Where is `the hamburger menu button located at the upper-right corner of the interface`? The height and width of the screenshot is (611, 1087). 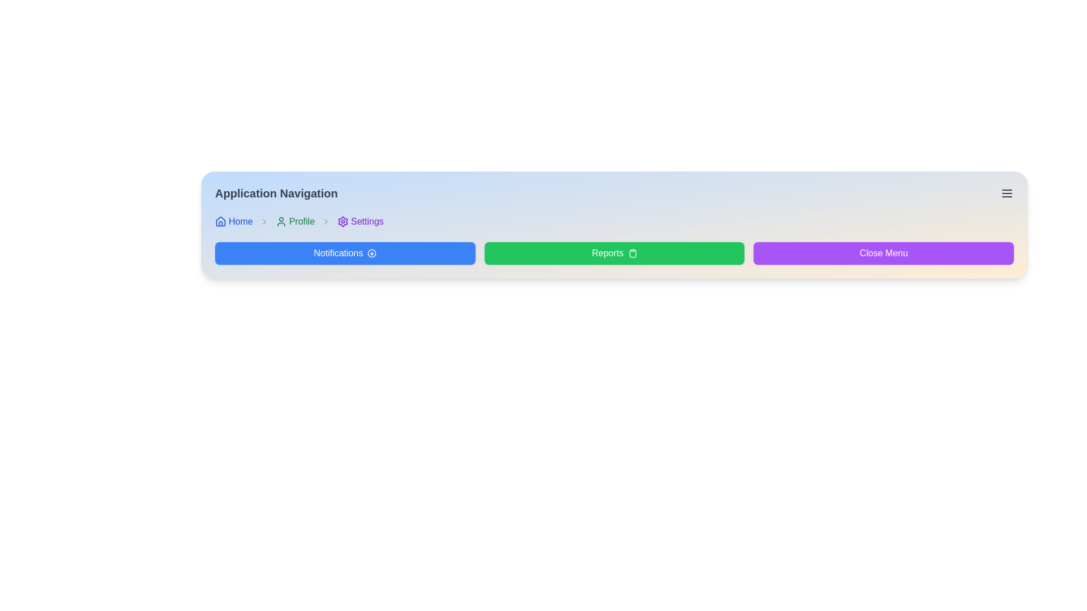
the hamburger menu button located at the upper-right corner of the interface is located at coordinates (1007, 193).